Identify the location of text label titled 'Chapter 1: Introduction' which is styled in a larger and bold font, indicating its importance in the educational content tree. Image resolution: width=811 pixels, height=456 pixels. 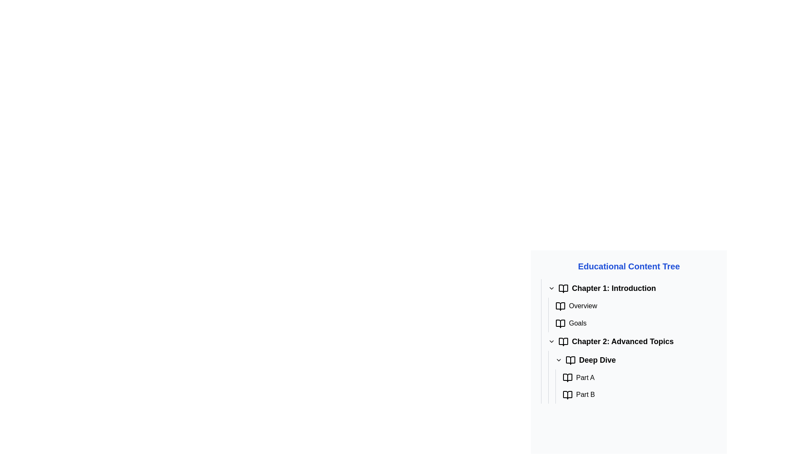
(607, 288).